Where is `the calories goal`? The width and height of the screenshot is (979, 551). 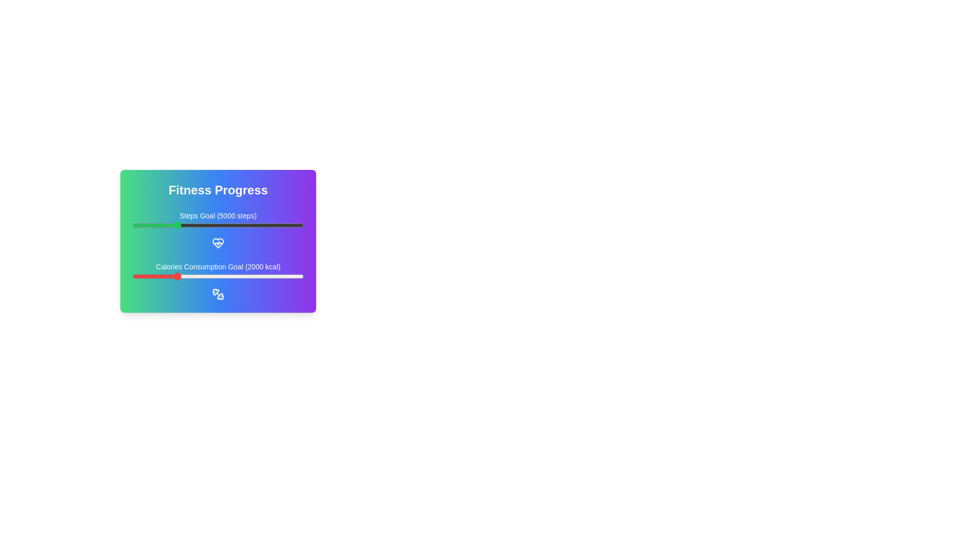
the calories goal is located at coordinates (170, 277).